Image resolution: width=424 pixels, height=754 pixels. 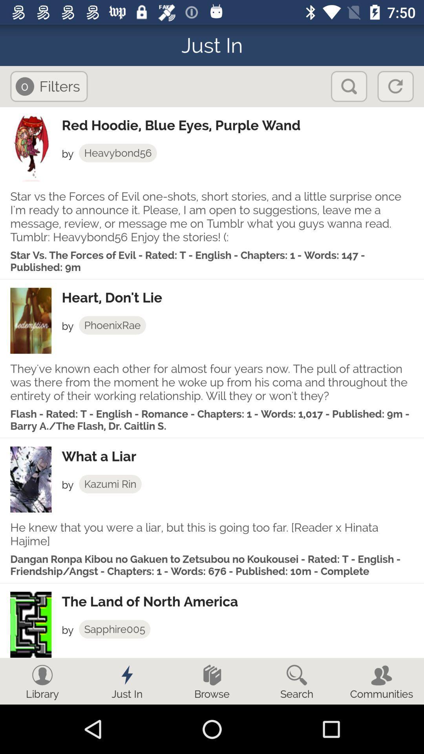 I want to click on app below the the land of, so click(x=115, y=629).